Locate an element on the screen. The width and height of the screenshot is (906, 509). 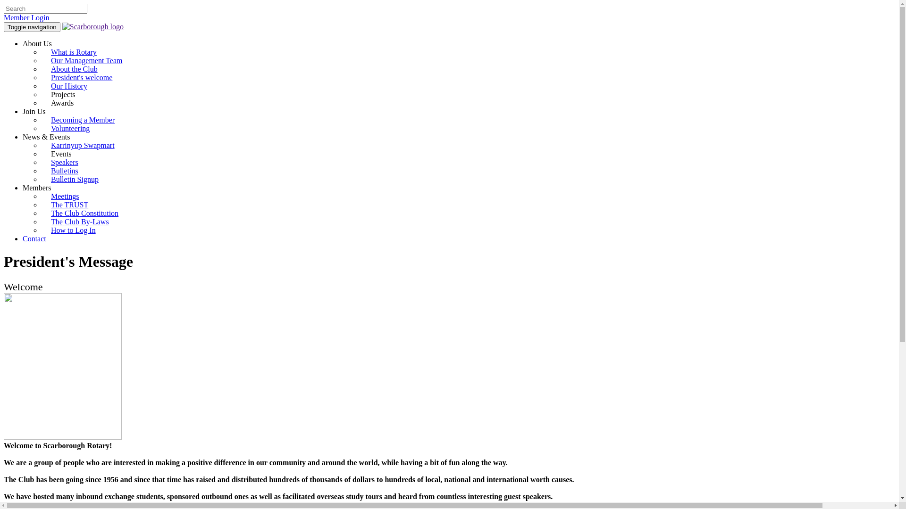
'News & Events' is located at coordinates (45, 137).